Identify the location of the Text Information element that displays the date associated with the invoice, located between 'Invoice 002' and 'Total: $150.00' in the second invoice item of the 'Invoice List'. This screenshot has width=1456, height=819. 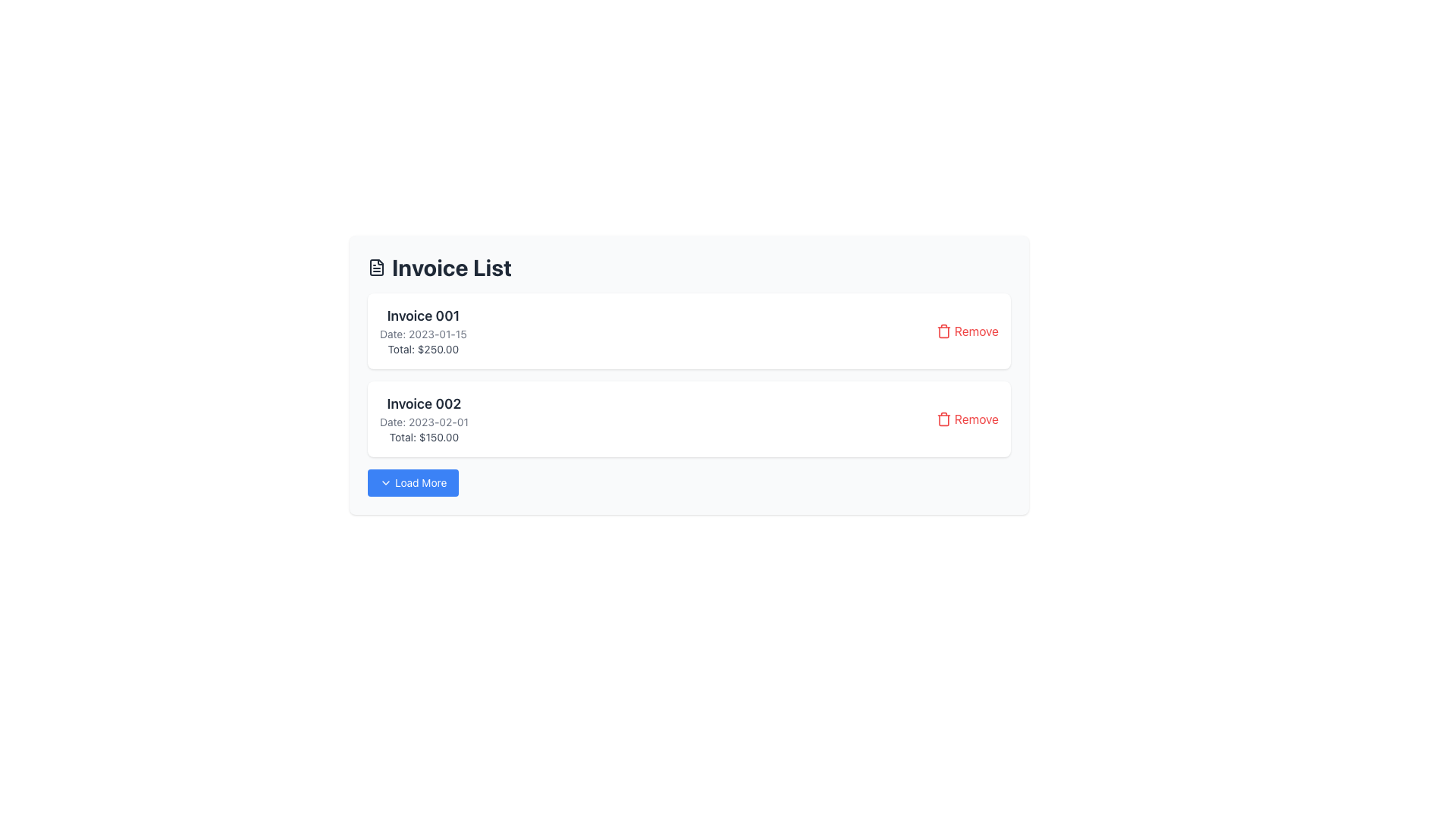
(424, 422).